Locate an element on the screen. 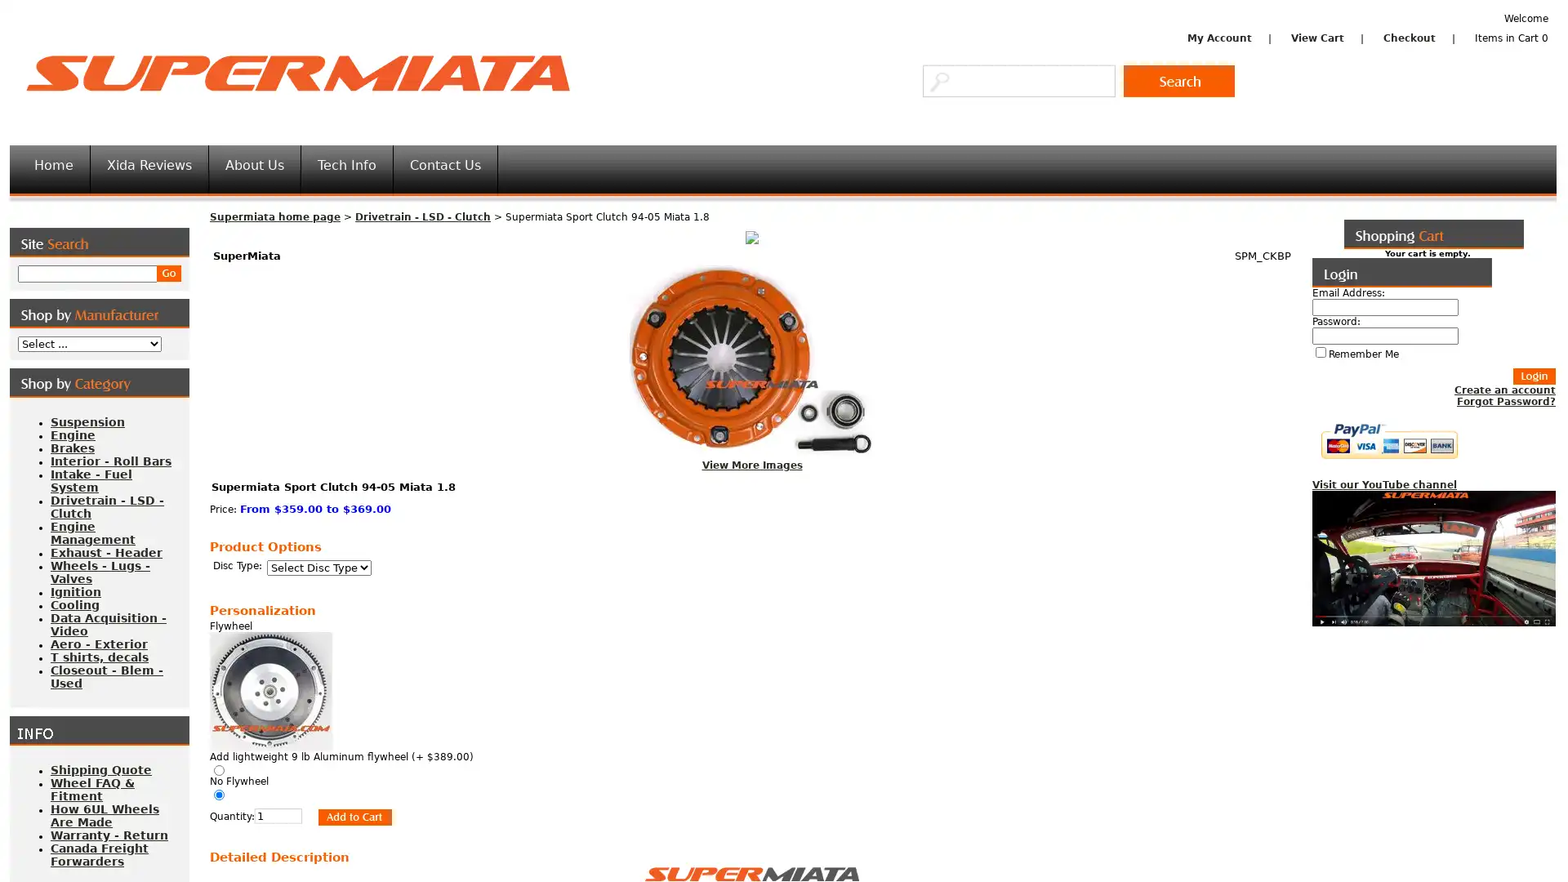  Submit is located at coordinates (346, 816).